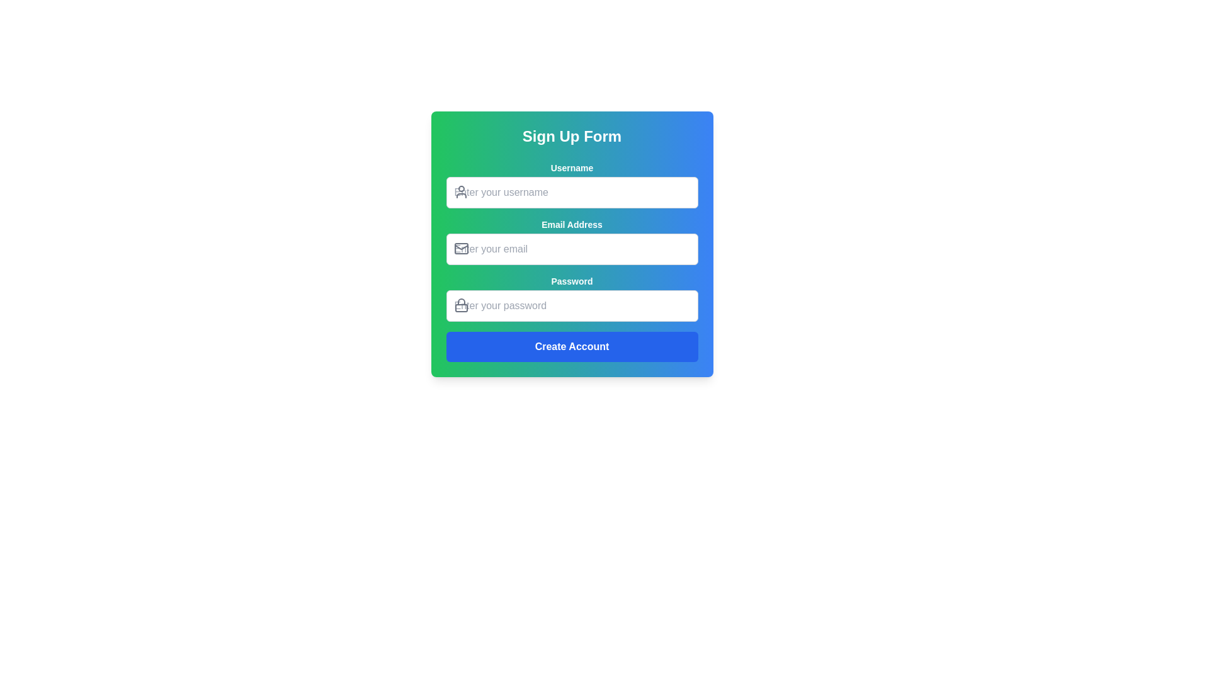 The width and height of the screenshot is (1209, 680). I want to click on into the username input field below the 'Sign Up Form' title to focus and type, so click(571, 184).